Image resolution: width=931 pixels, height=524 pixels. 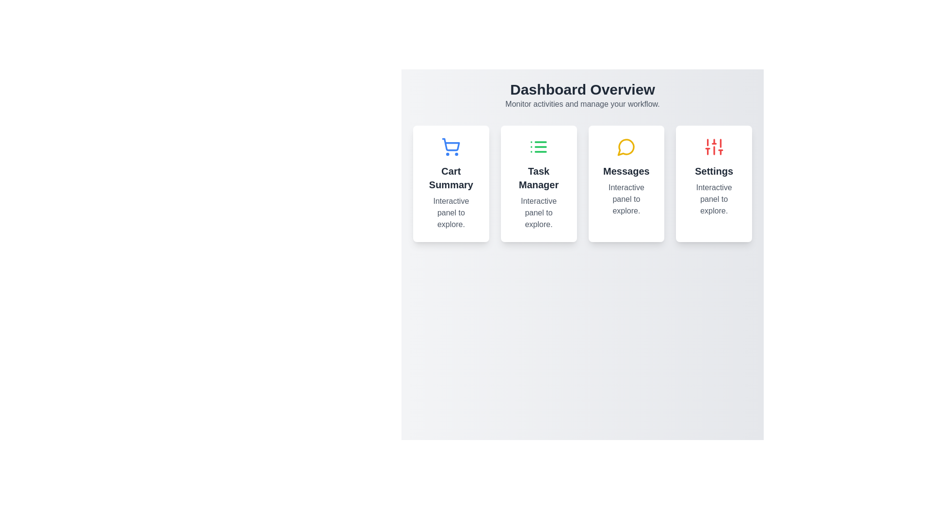 What do you see at coordinates (582, 95) in the screenshot?
I see `the text component with the heading 'Dashboard Overview' and subtitle 'Monitor activities and manage your workflow.' located at the top center of the interface` at bounding box center [582, 95].